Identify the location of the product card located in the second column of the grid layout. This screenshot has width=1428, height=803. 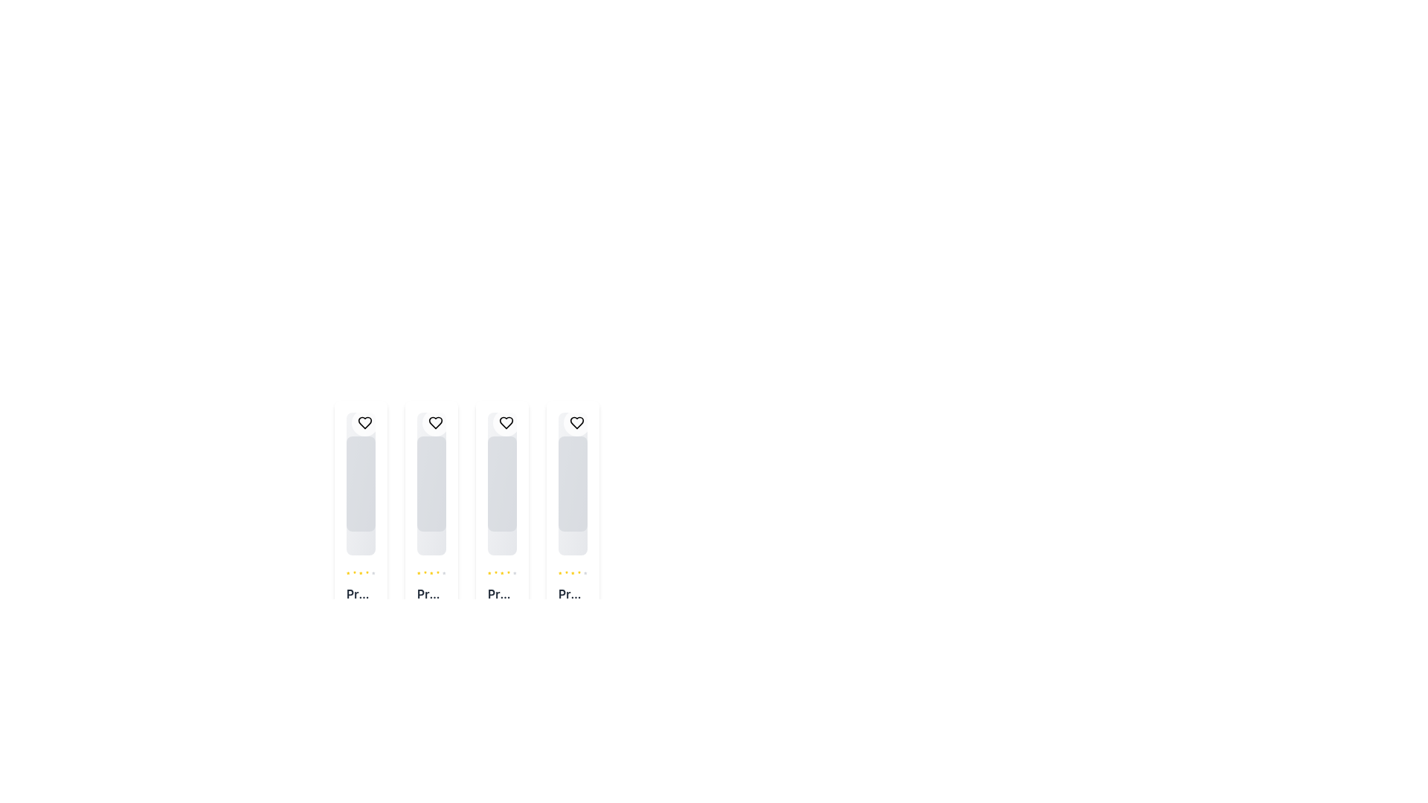
(431, 533).